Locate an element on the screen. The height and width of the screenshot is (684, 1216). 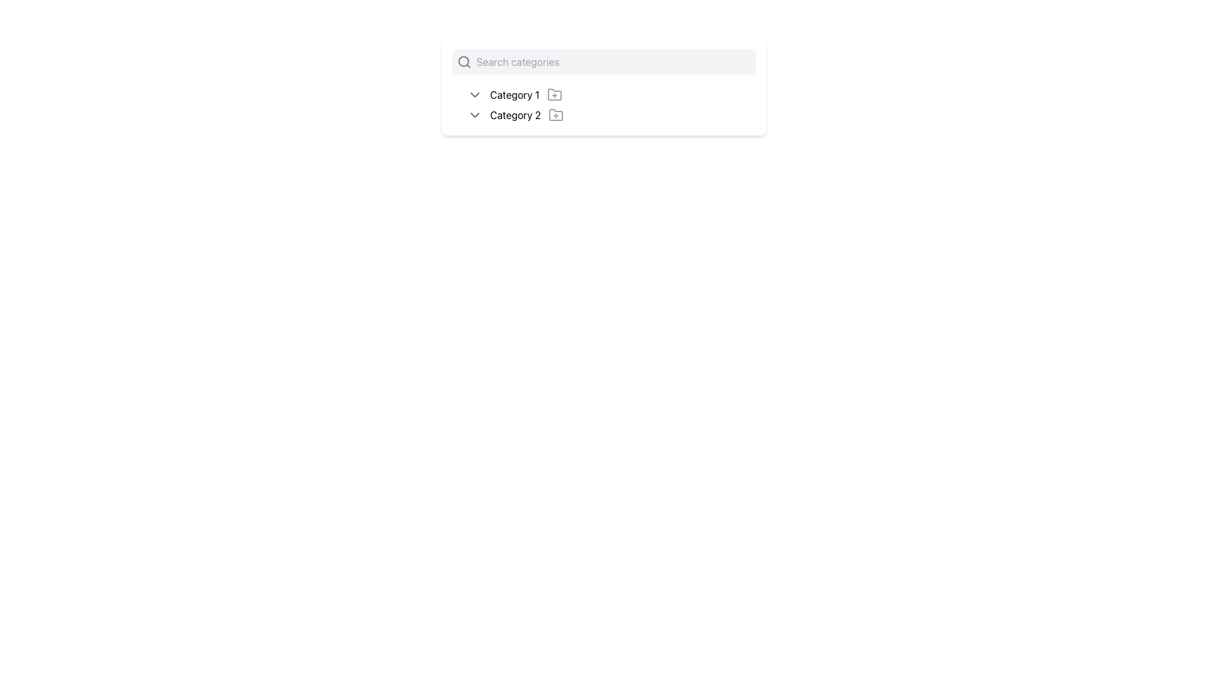
the downward-facing chevron icon is located at coordinates (474, 115).